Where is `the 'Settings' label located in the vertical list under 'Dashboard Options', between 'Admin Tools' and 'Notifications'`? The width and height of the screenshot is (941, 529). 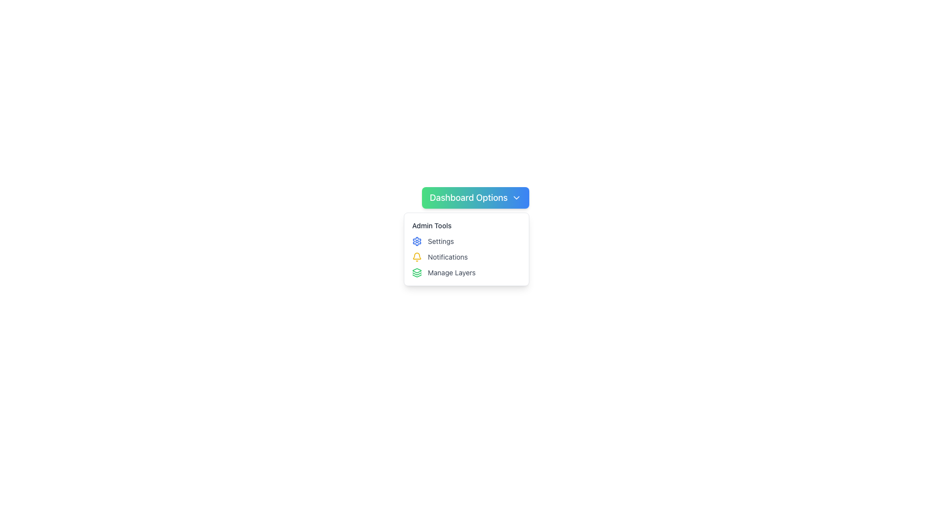
the 'Settings' label located in the vertical list under 'Dashboard Options', between 'Admin Tools' and 'Notifications' is located at coordinates (440, 241).